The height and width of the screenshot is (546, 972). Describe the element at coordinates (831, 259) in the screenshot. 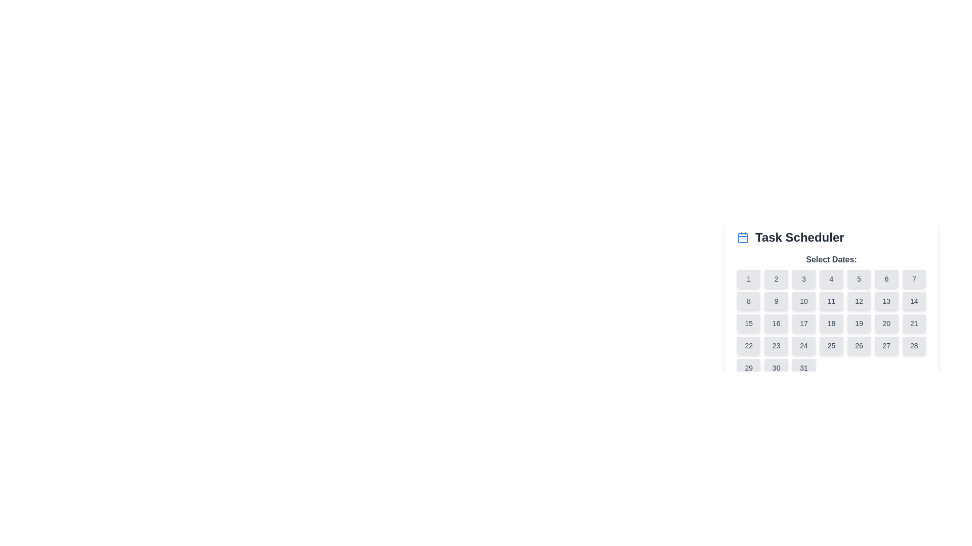

I see `the text label that informs the user about the purpose of the following date selection grid, which is centrally aligned at the top of the date picker section below the heading 'Task Scheduler'` at that location.